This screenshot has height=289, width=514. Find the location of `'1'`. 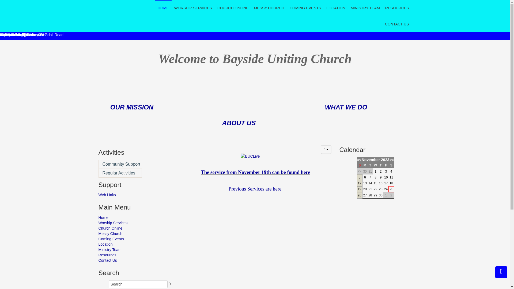

'1' is located at coordinates (375, 171).